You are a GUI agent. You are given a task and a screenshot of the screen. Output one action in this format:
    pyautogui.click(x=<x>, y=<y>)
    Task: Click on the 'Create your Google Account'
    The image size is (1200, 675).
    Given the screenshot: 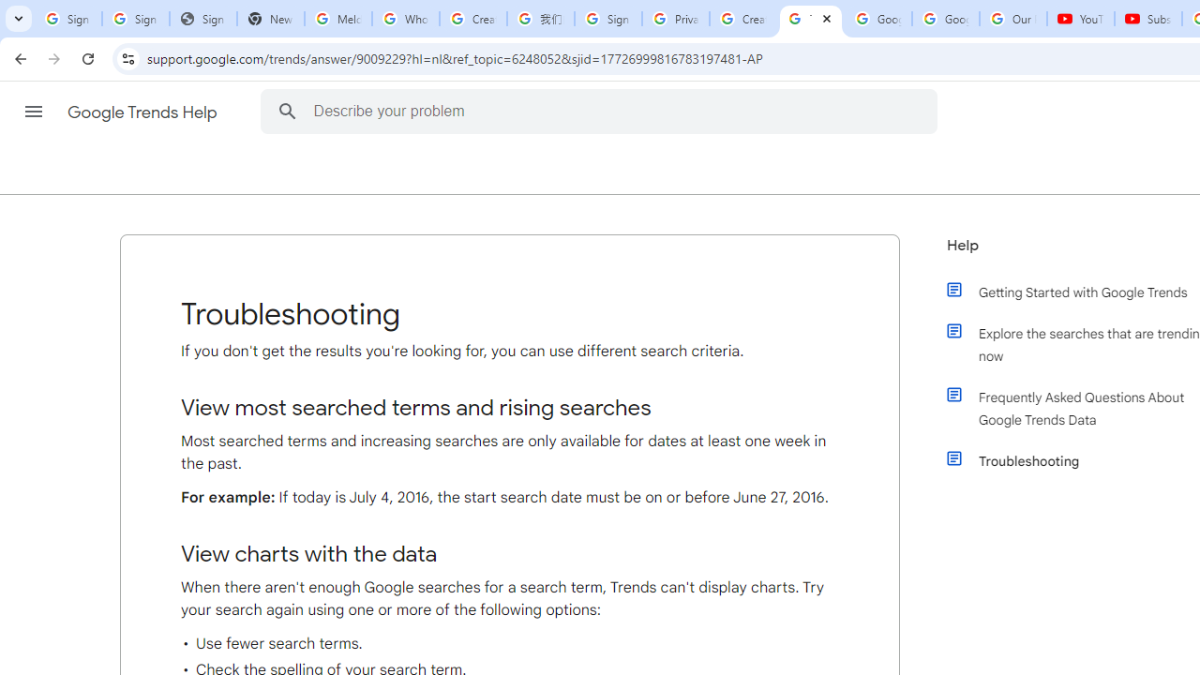 What is the action you would take?
    pyautogui.click(x=742, y=19)
    